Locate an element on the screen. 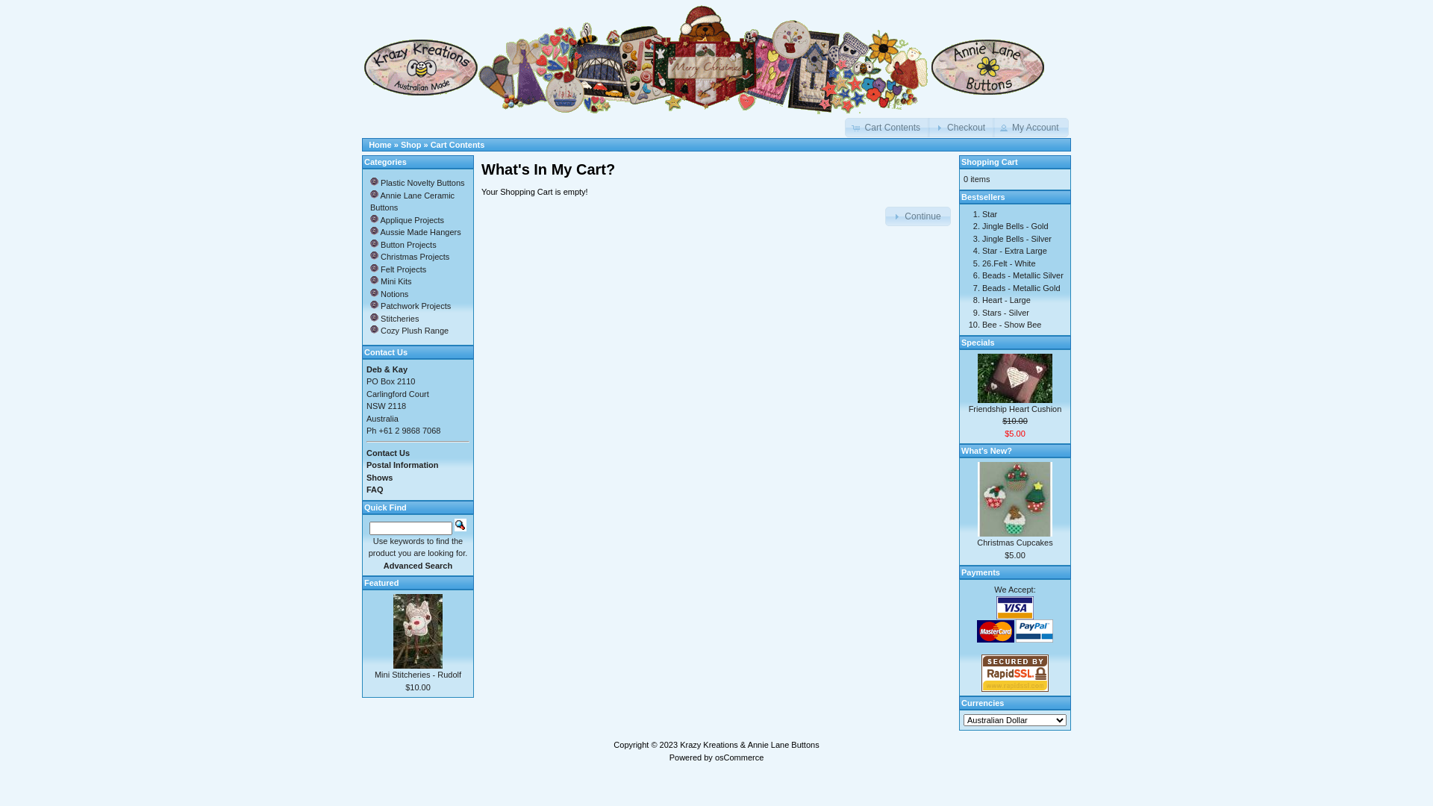 Image resolution: width=1433 pixels, height=806 pixels. ' Cozy Plush Range' is located at coordinates (409, 330).